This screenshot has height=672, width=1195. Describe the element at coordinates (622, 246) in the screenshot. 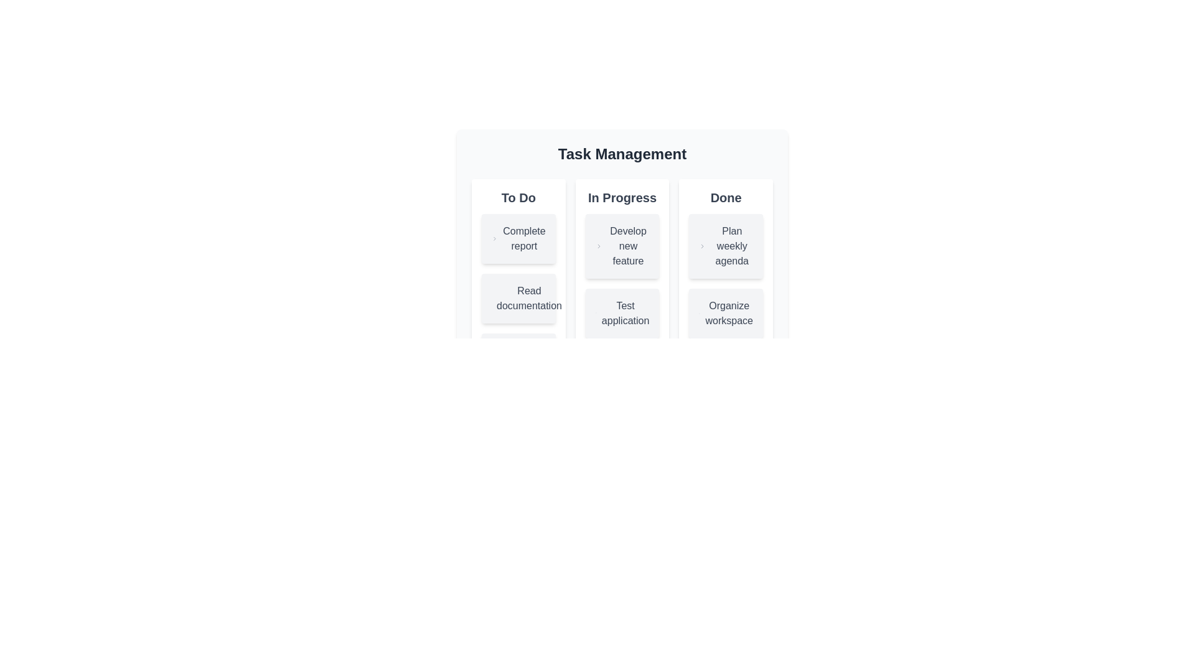

I see `the 'Develop new feature' task card from the 'In Progress' column` at that location.